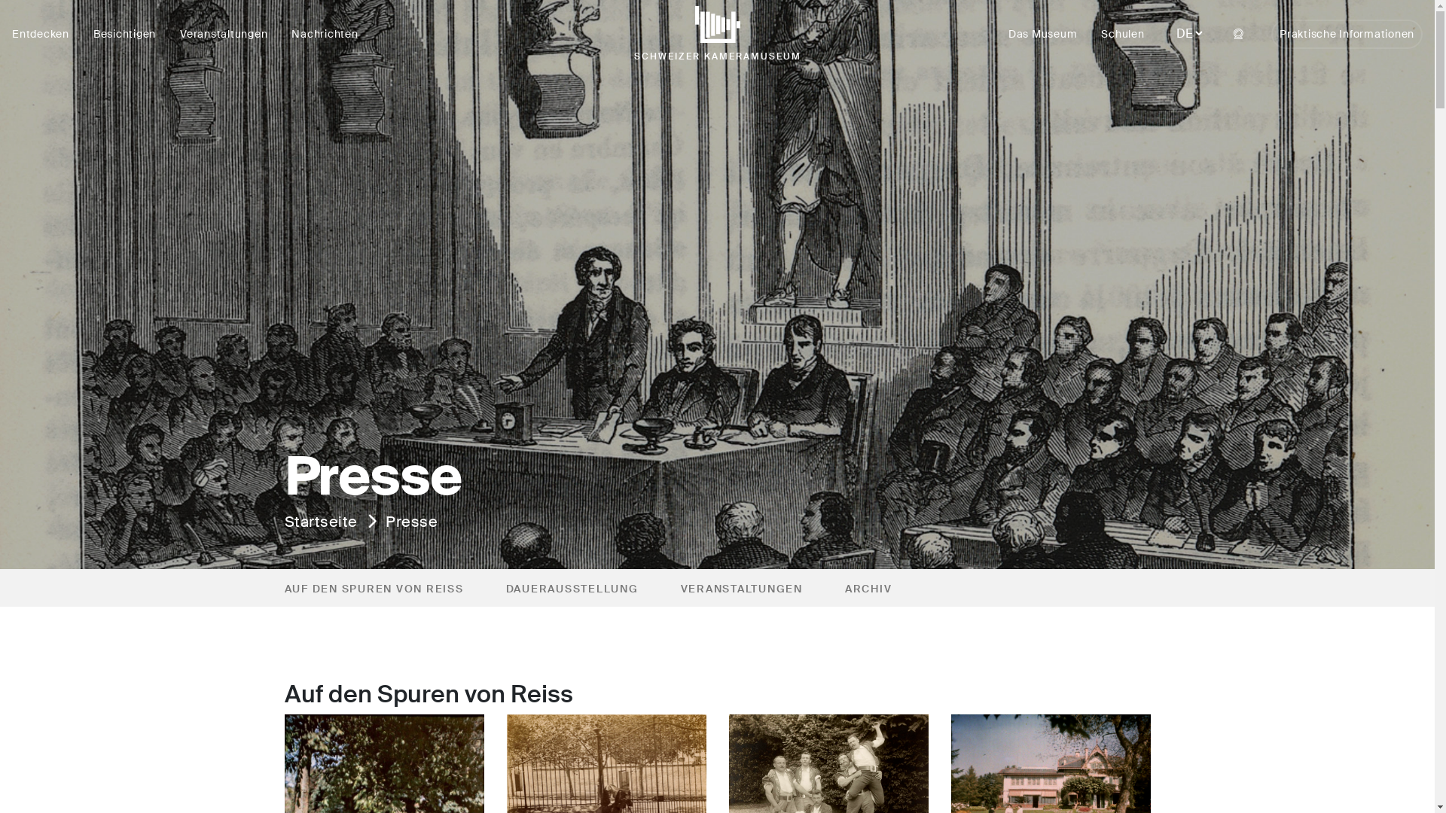  What do you see at coordinates (716, 36) in the screenshot?
I see `'SCHWEIZER KAMERAMUSEUM'` at bounding box center [716, 36].